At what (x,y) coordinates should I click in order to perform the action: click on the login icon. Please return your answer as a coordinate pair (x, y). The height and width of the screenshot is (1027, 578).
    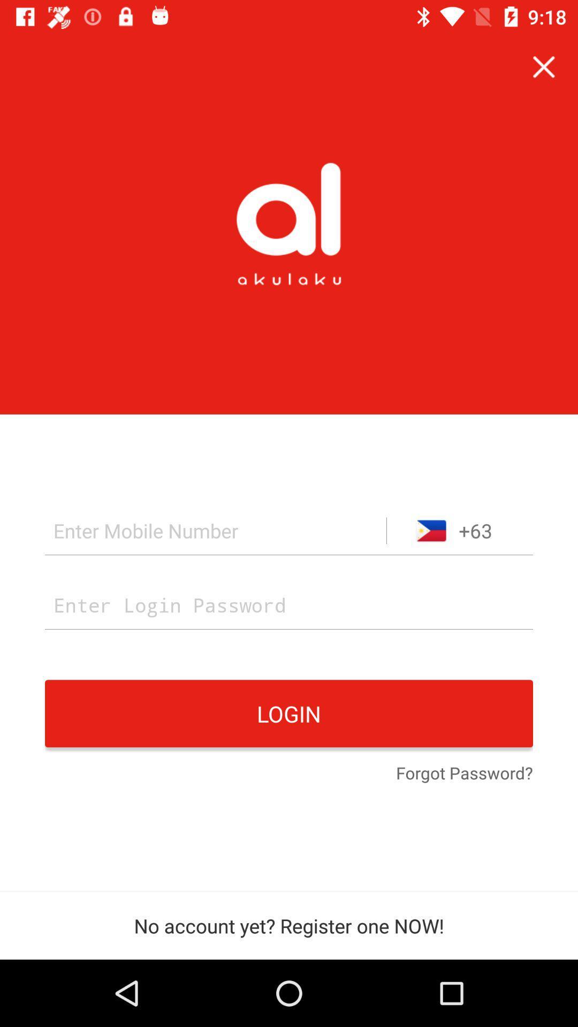
    Looking at the image, I should click on (289, 714).